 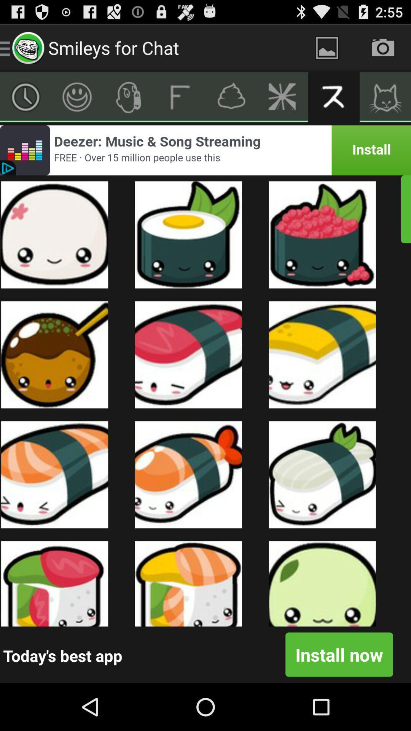 What do you see at coordinates (327, 47) in the screenshot?
I see `gallery` at bounding box center [327, 47].